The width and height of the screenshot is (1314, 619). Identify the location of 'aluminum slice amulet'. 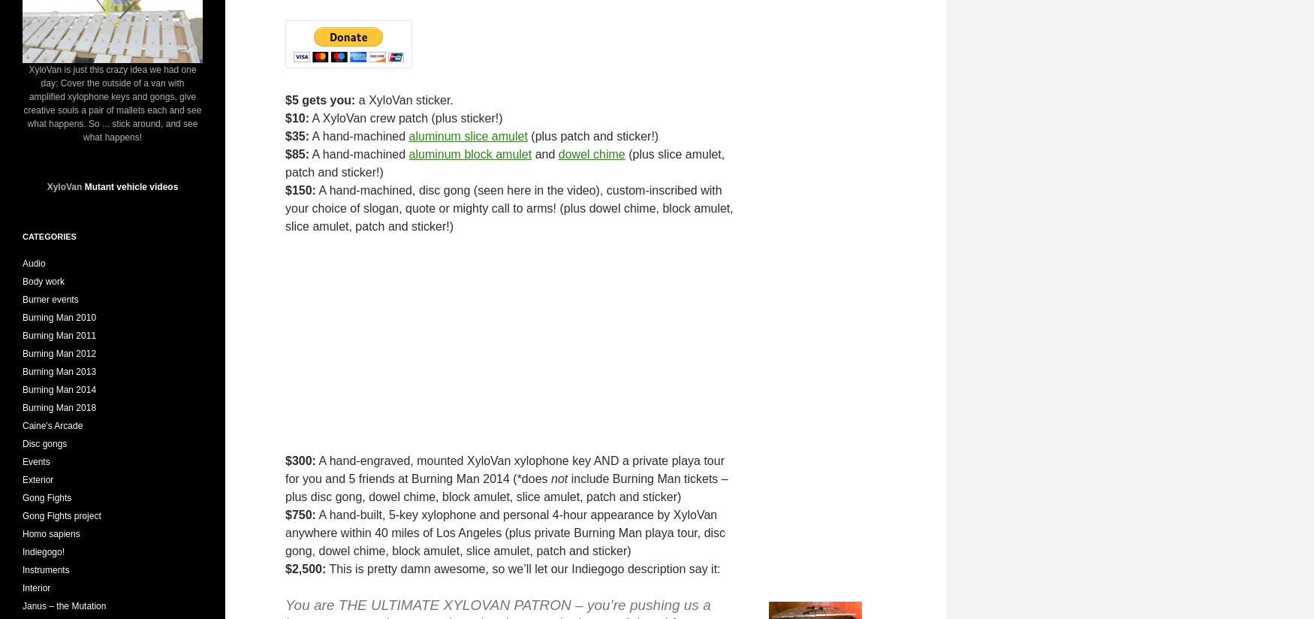
(408, 136).